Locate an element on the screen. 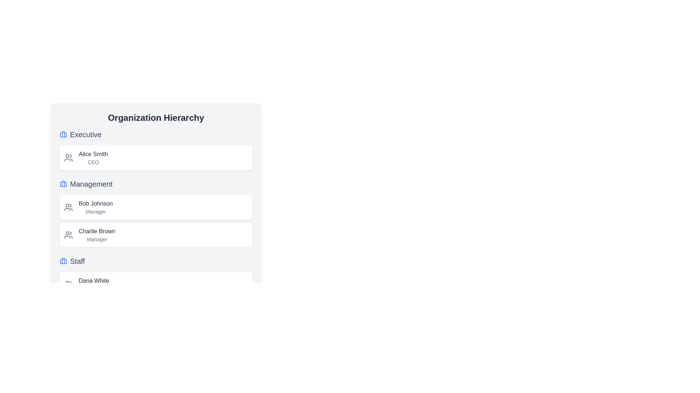  the 'Manager' text label displayed in a small gray font located below 'Charlie Brown' in the 'Management' section of the hierarchy listing interface is located at coordinates (97, 239).